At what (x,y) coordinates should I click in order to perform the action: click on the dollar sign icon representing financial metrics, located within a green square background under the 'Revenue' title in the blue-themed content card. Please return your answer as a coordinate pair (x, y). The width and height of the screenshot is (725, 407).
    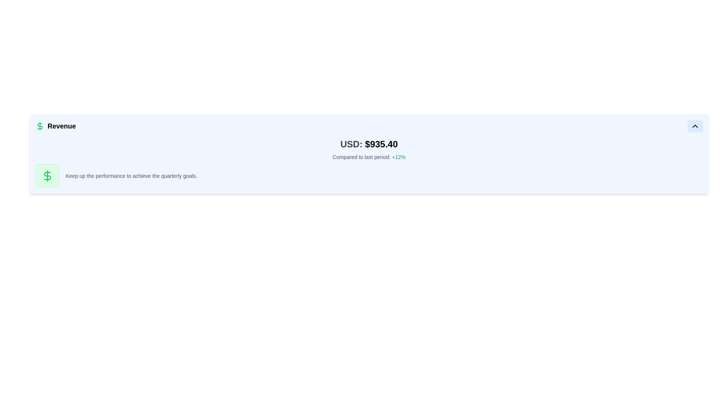
    Looking at the image, I should click on (47, 176).